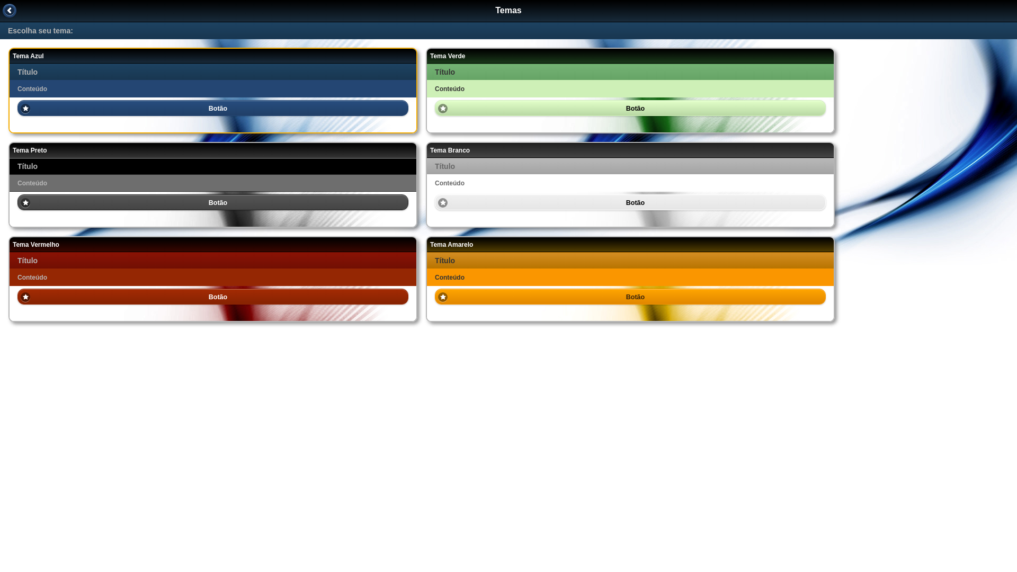 This screenshot has width=1017, height=572. Describe the element at coordinates (2, 10) in the screenshot. I see `'Voltar'` at that location.